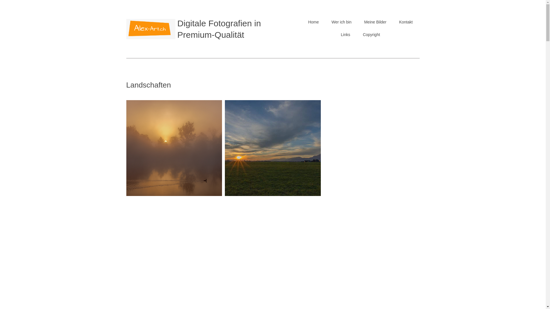 The width and height of the screenshot is (550, 309). What do you see at coordinates (371, 34) in the screenshot?
I see `'Copyright'` at bounding box center [371, 34].